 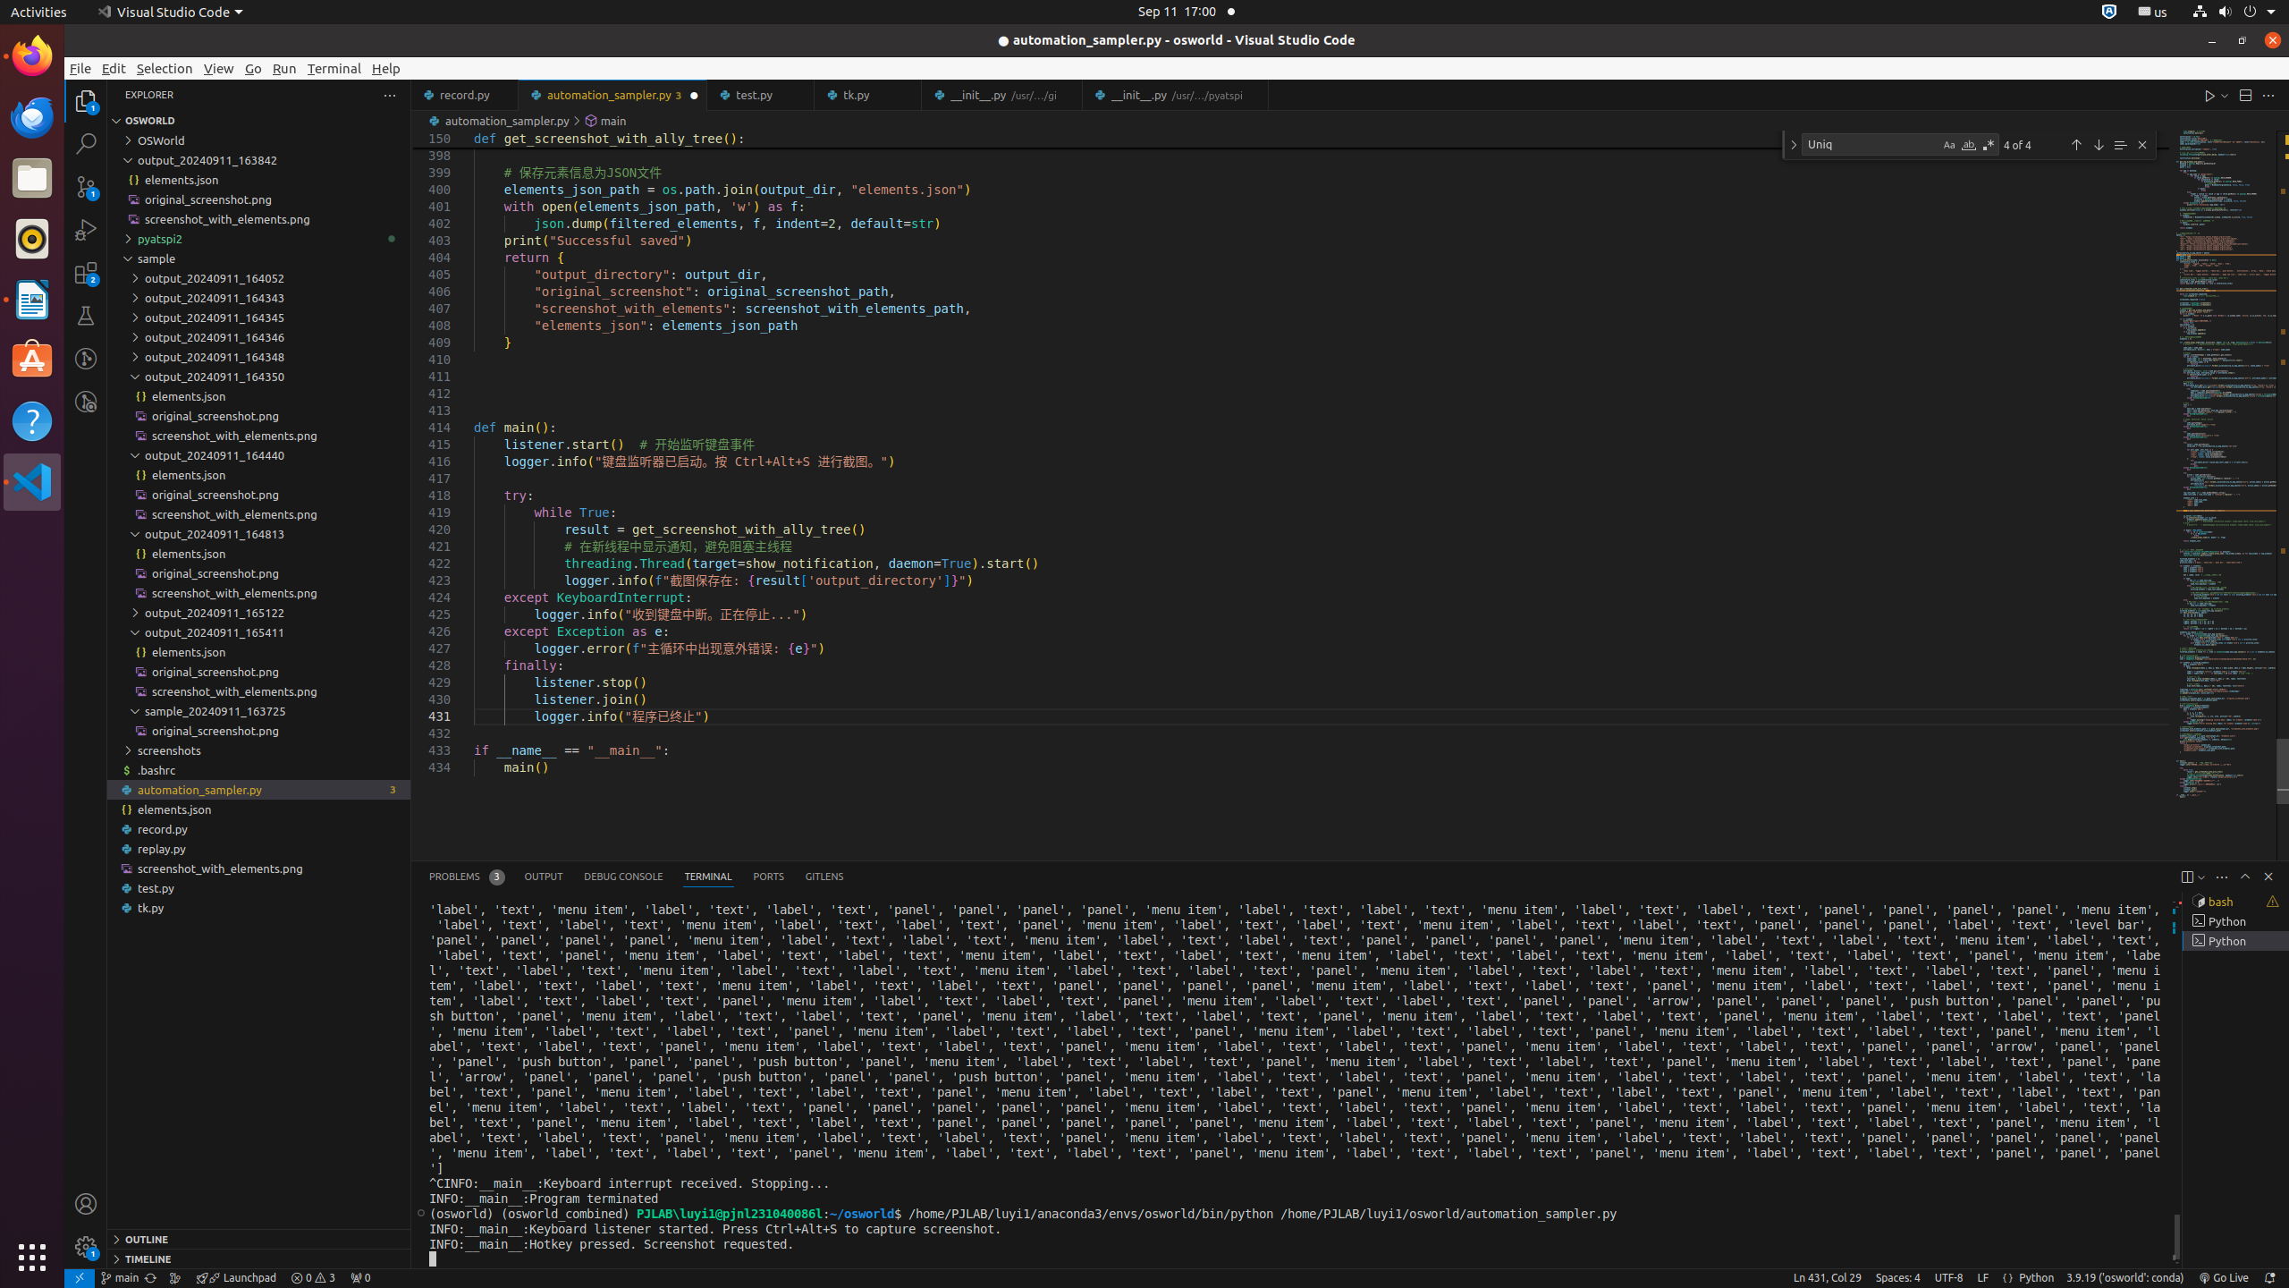 What do you see at coordinates (543, 877) in the screenshot?
I see `'Output (Ctrl+K Ctrl+H)'` at bounding box center [543, 877].